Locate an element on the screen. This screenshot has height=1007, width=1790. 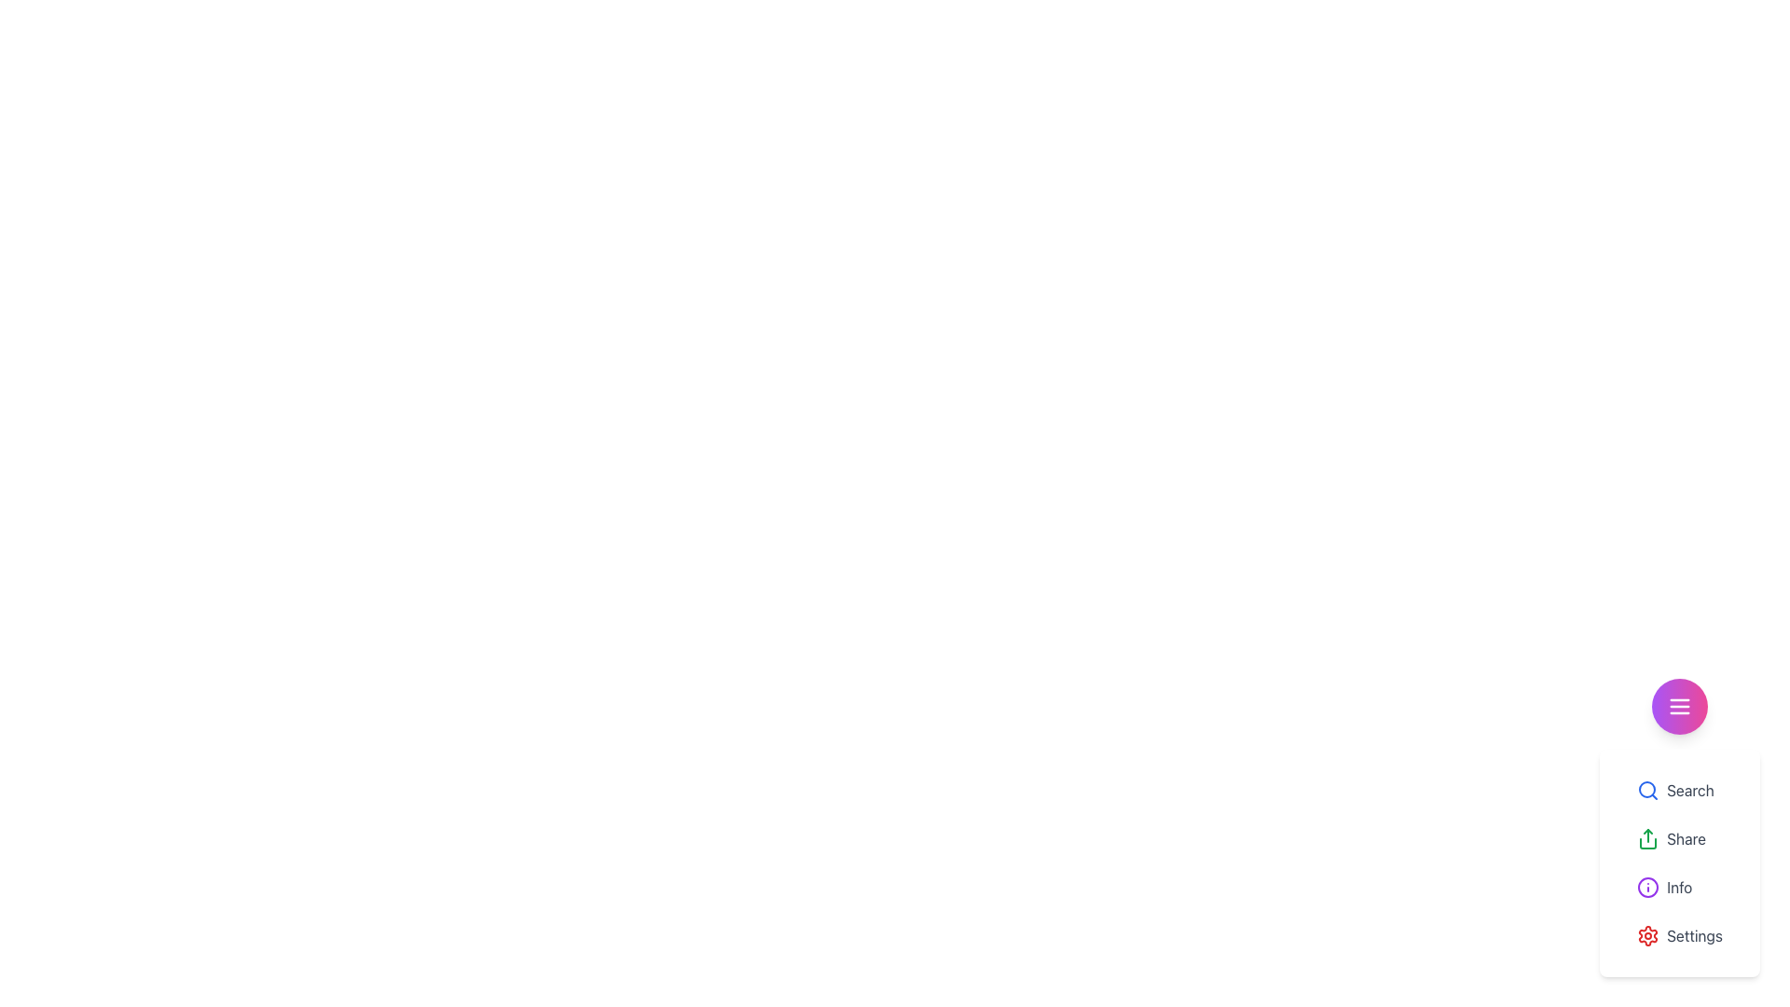
the 'Settings' button, which features a red gear icon and gray text, located as the last item in a vertical list within a white card is located at coordinates (1680, 935).